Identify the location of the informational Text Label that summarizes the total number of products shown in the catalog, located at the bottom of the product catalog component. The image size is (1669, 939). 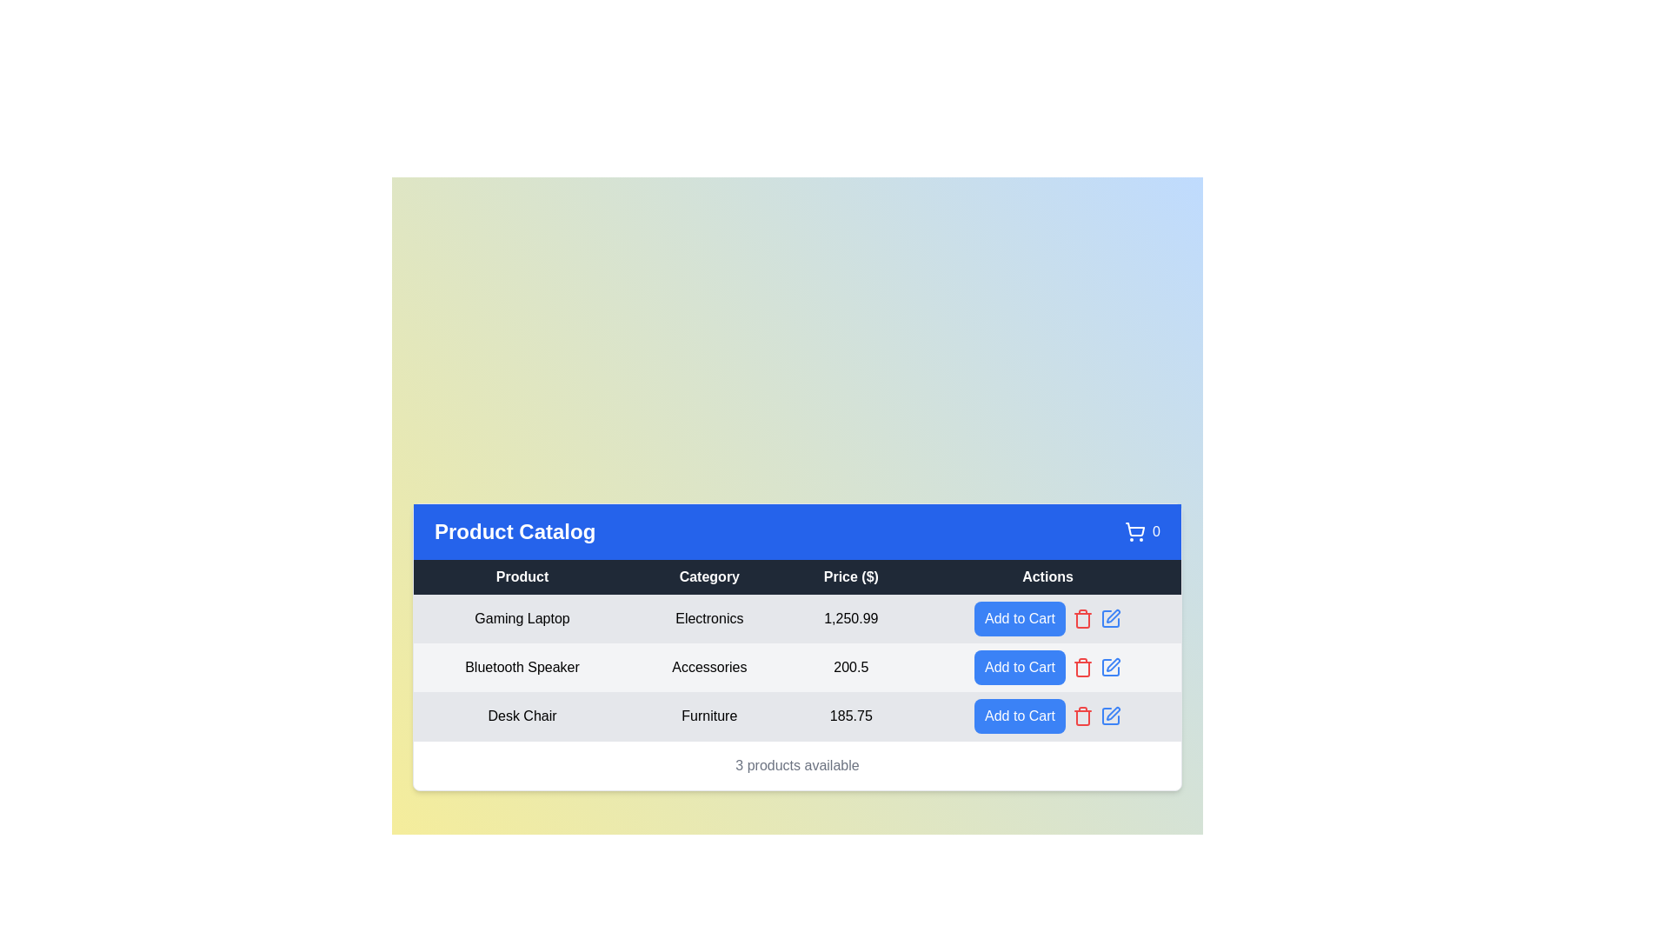
(796, 763).